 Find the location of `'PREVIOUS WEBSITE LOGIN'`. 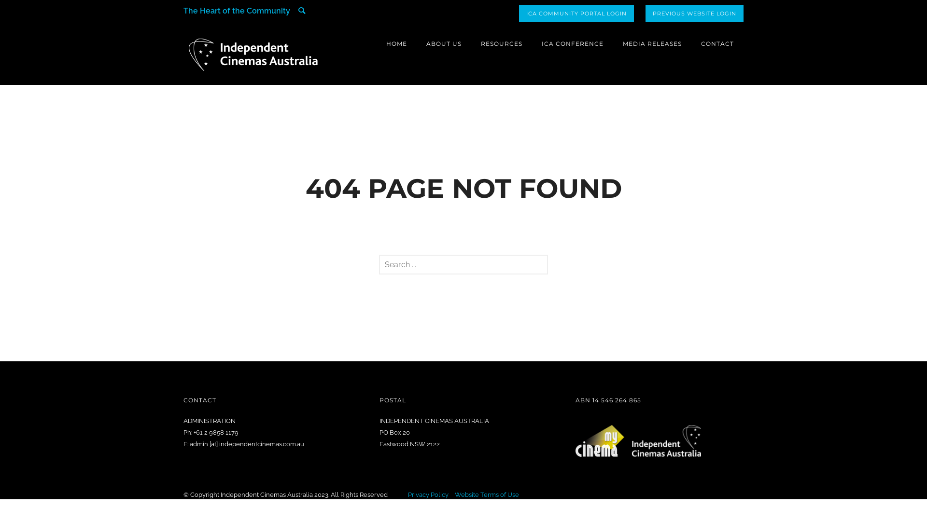

'PREVIOUS WEBSITE LOGIN' is located at coordinates (646, 13).